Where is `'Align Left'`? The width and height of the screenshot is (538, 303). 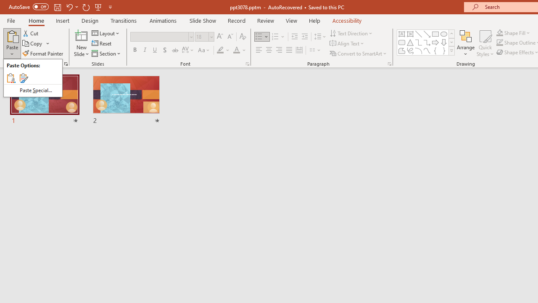
'Align Left' is located at coordinates (258, 50).